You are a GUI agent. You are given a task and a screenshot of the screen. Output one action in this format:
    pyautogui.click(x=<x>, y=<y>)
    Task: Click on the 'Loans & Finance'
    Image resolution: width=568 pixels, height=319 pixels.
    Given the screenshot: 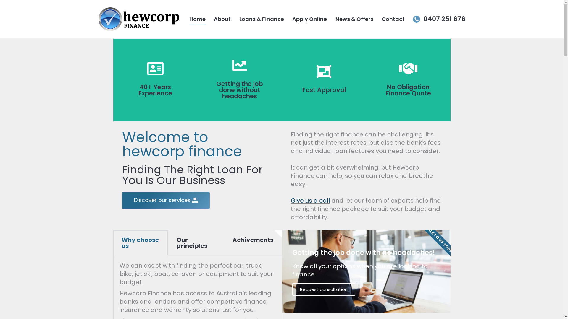 What is the action you would take?
    pyautogui.click(x=261, y=19)
    